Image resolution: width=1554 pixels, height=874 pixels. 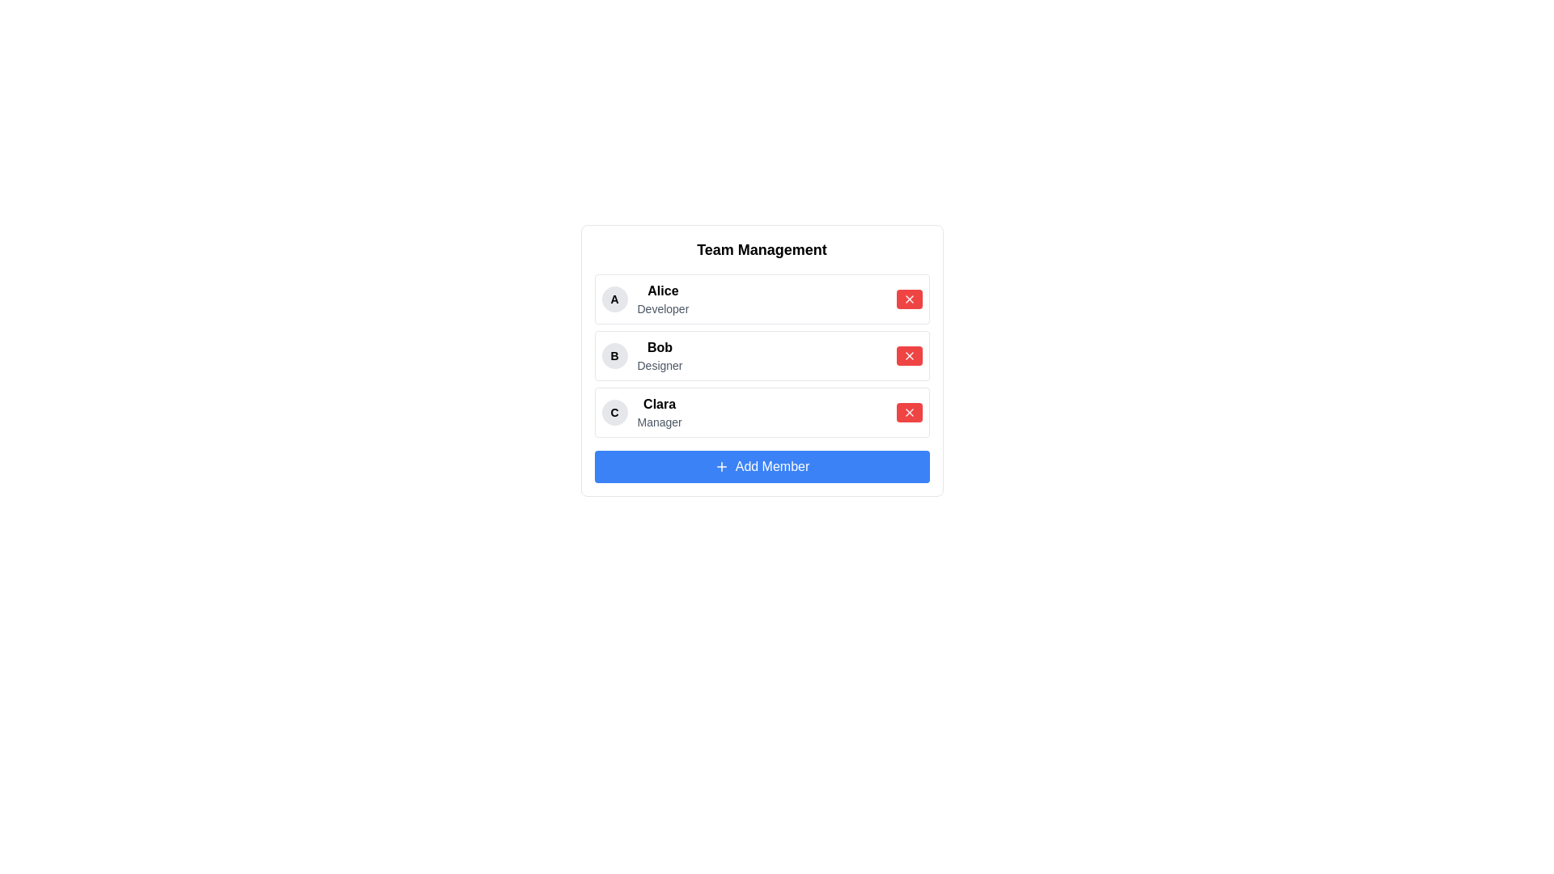 What do you see at coordinates (641, 411) in the screenshot?
I see `the list item displaying the name 'Clara' with the role 'Manager' beneath it, which is the third entry in the 'Team Management' section` at bounding box center [641, 411].